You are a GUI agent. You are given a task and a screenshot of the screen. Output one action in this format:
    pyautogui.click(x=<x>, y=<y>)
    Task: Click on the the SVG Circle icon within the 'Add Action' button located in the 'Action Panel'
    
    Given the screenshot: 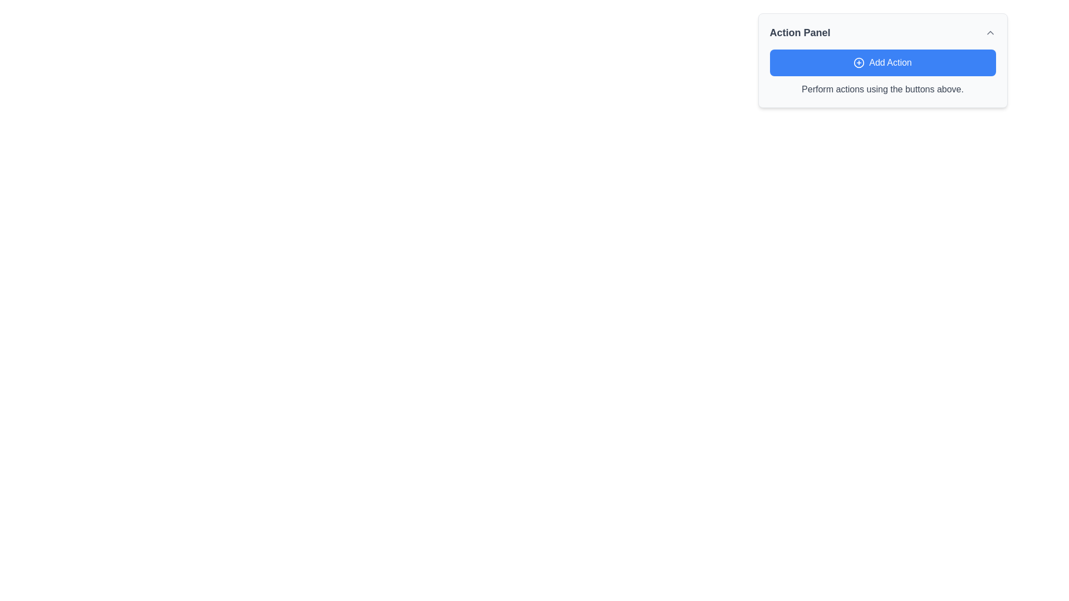 What is the action you would take?
    pyautogui.click(x=859, y=62)
    